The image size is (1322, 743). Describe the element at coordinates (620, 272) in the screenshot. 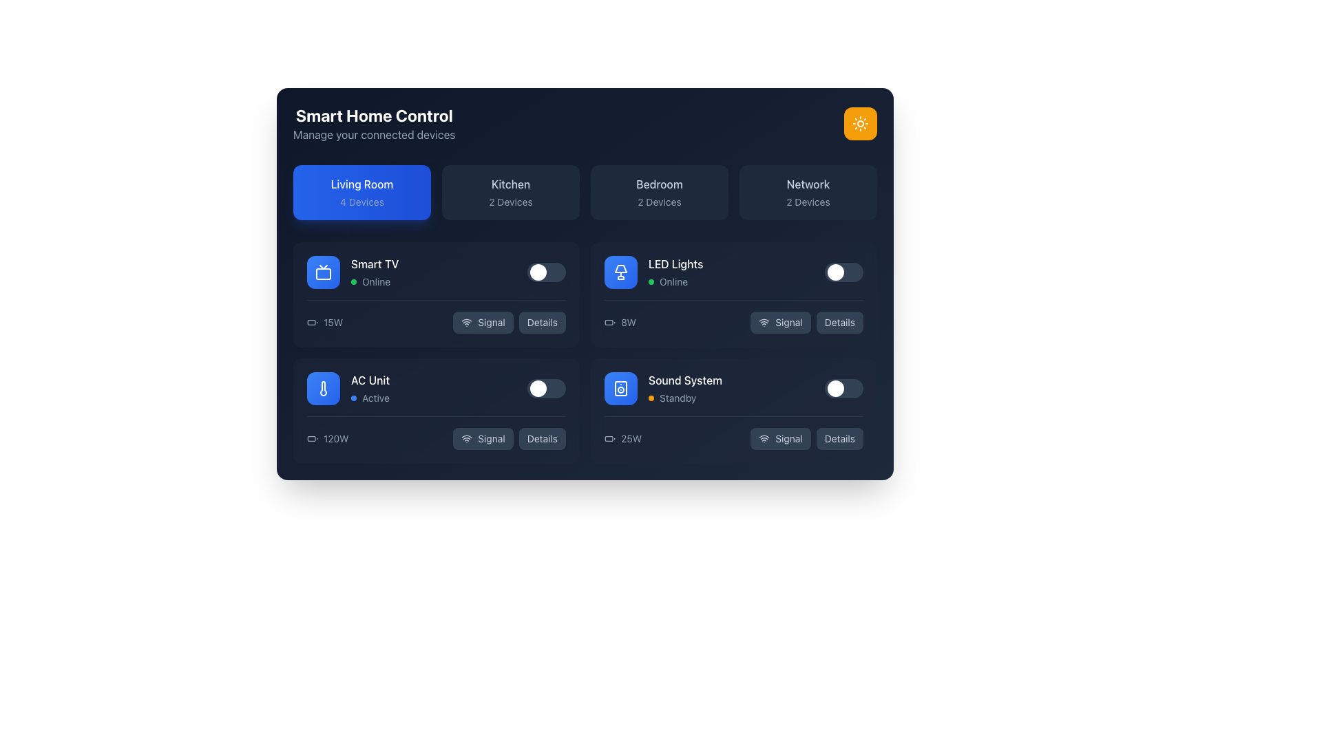

I see `the graphic button with a lamp icon and a gradient blue background located in the upper-right portion of the 'Living Room' section` at that location.